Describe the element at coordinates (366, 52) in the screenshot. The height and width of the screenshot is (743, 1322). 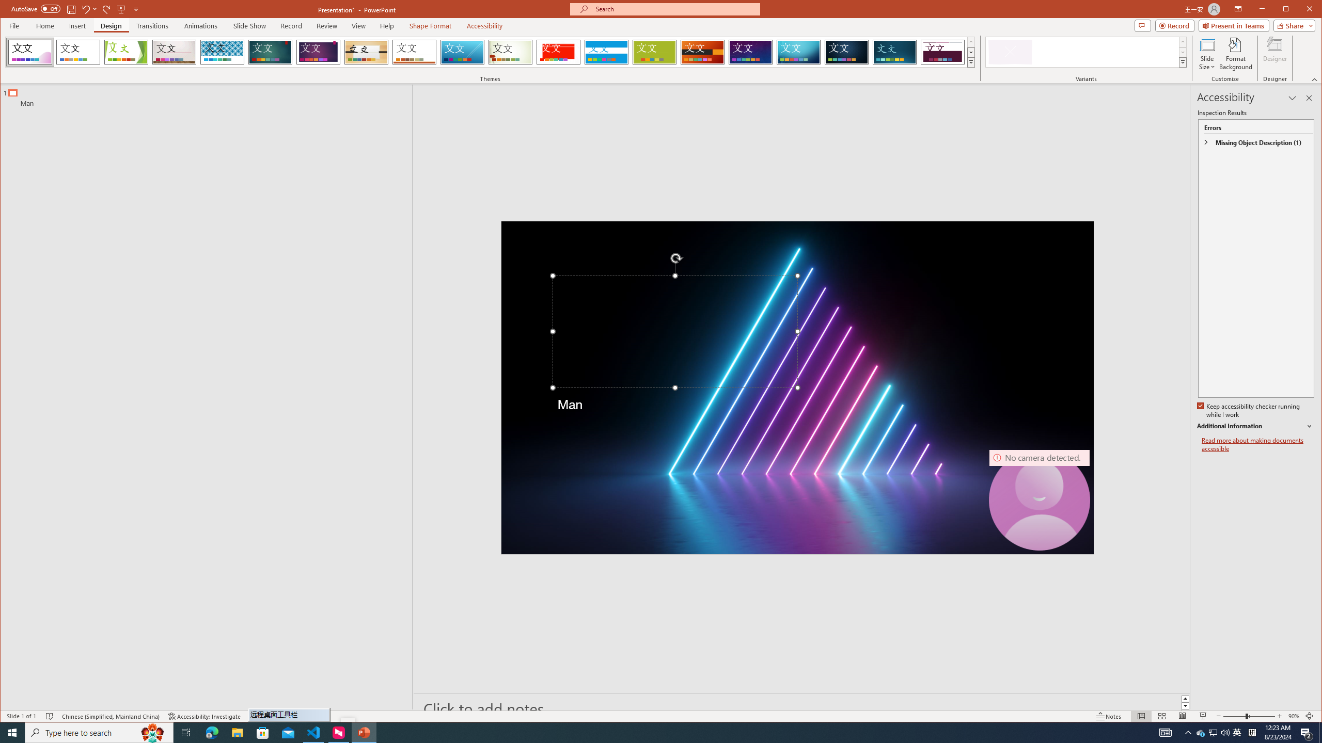
I see `'Organic'` at that location.